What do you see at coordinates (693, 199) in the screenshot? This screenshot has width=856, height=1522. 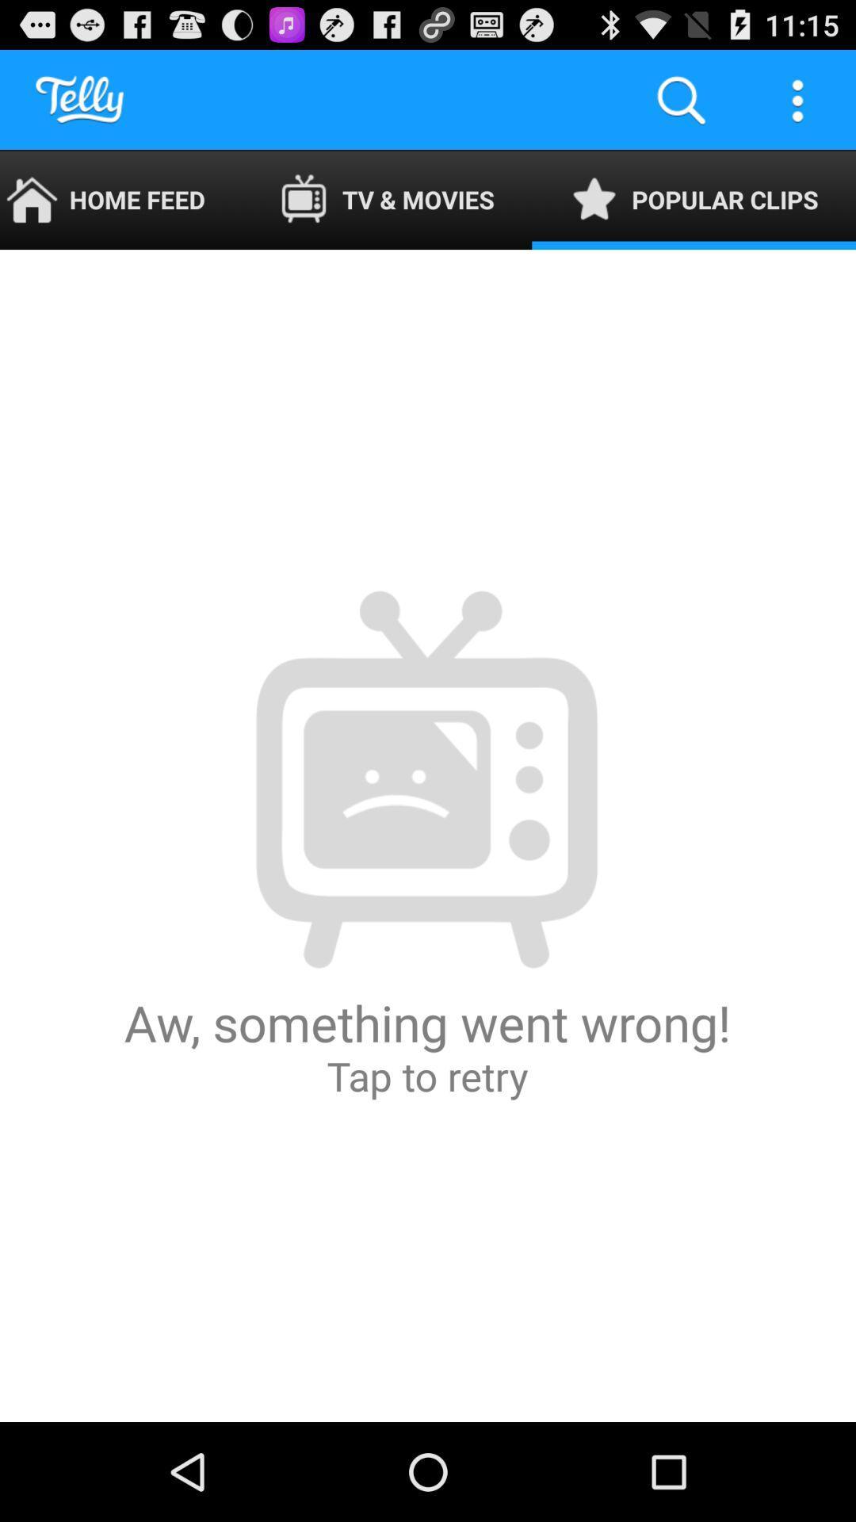 I see `icon above the aw something went icon` at bounding box center [693, 199].